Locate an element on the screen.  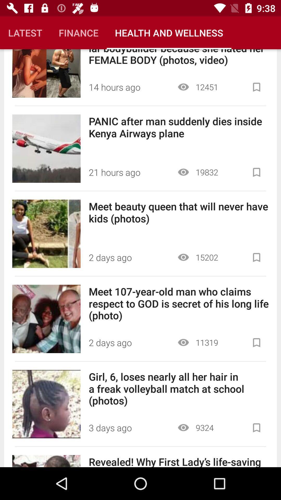
bookmark article is located at coordinates (256, 87).